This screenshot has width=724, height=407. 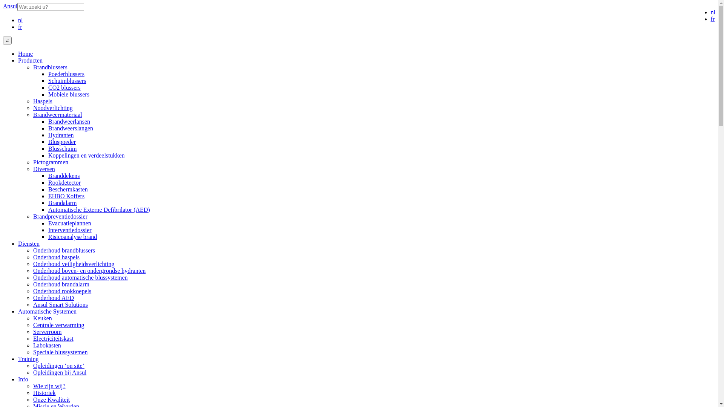 I want to click on 'Historiek', so click(x=32, y=392).